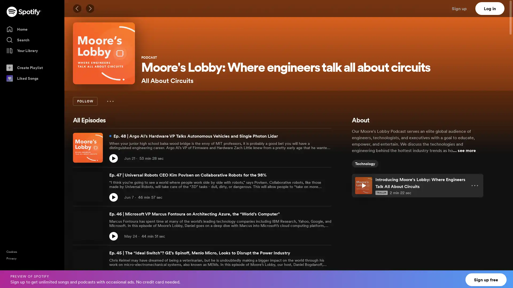  Describe the element at coordinates (363, 185) in the screenshot. I see `Play` at that location.